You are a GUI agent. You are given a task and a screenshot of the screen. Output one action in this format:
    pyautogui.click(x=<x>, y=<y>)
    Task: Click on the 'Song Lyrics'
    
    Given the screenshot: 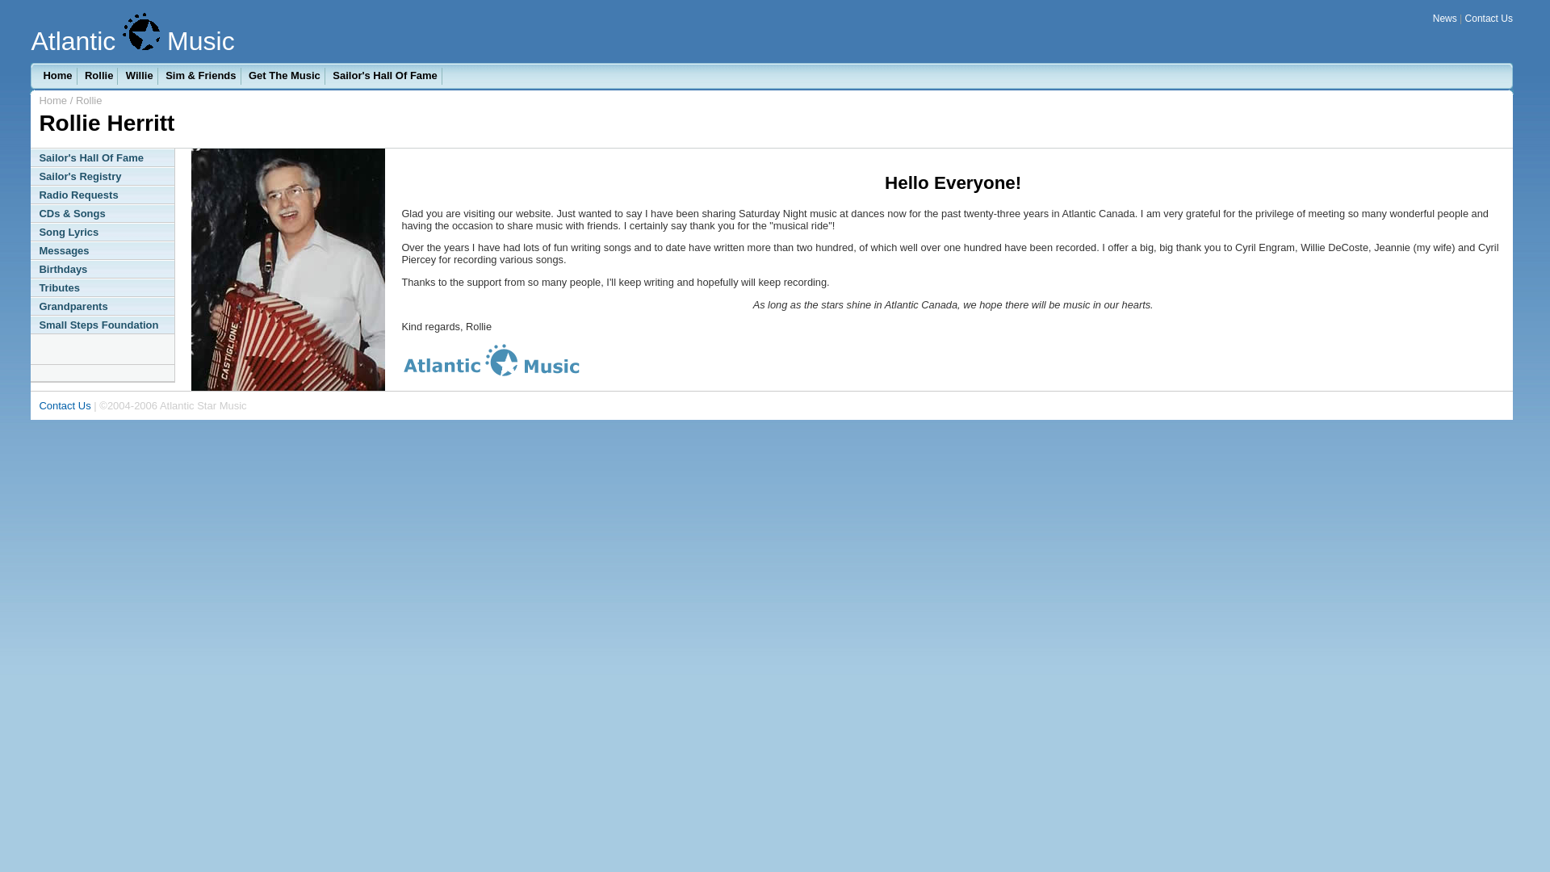 What is the action you would take?
    pyautogui.click(x=101, y=232)
    